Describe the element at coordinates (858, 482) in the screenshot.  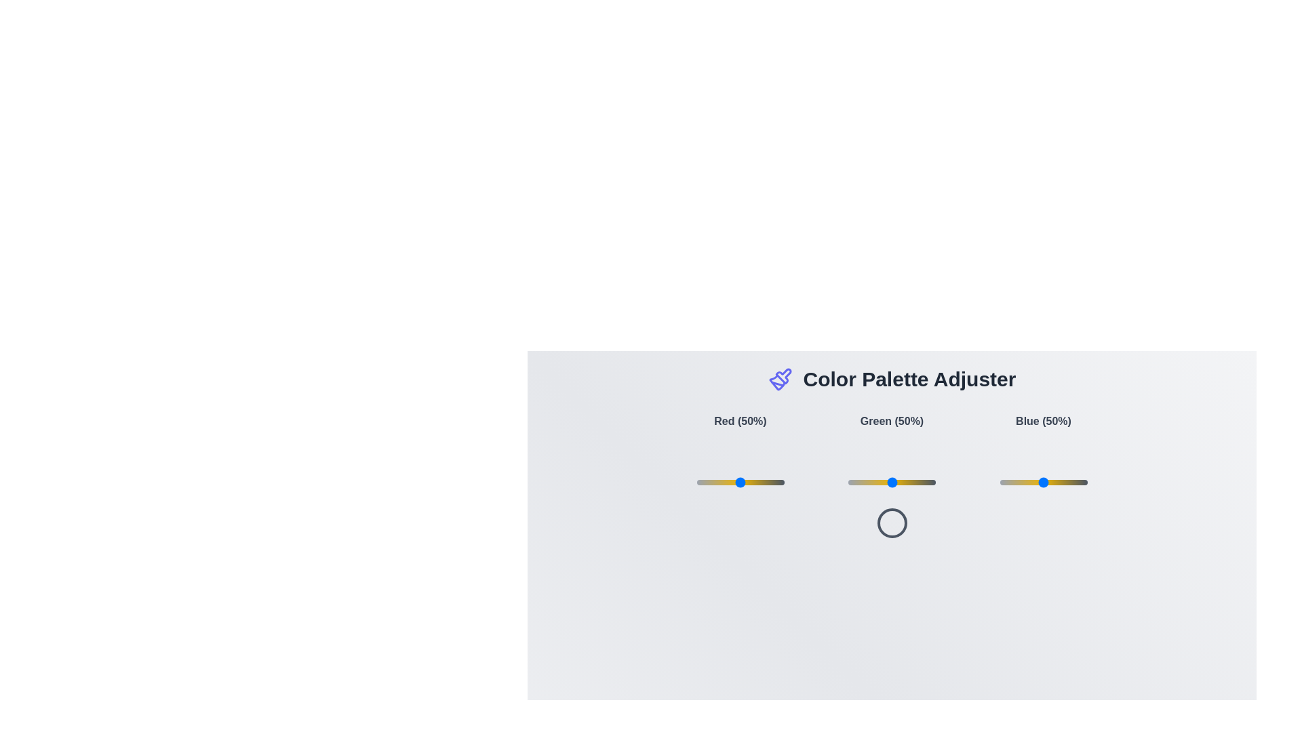
I see `the green slider to 12%` at that location.